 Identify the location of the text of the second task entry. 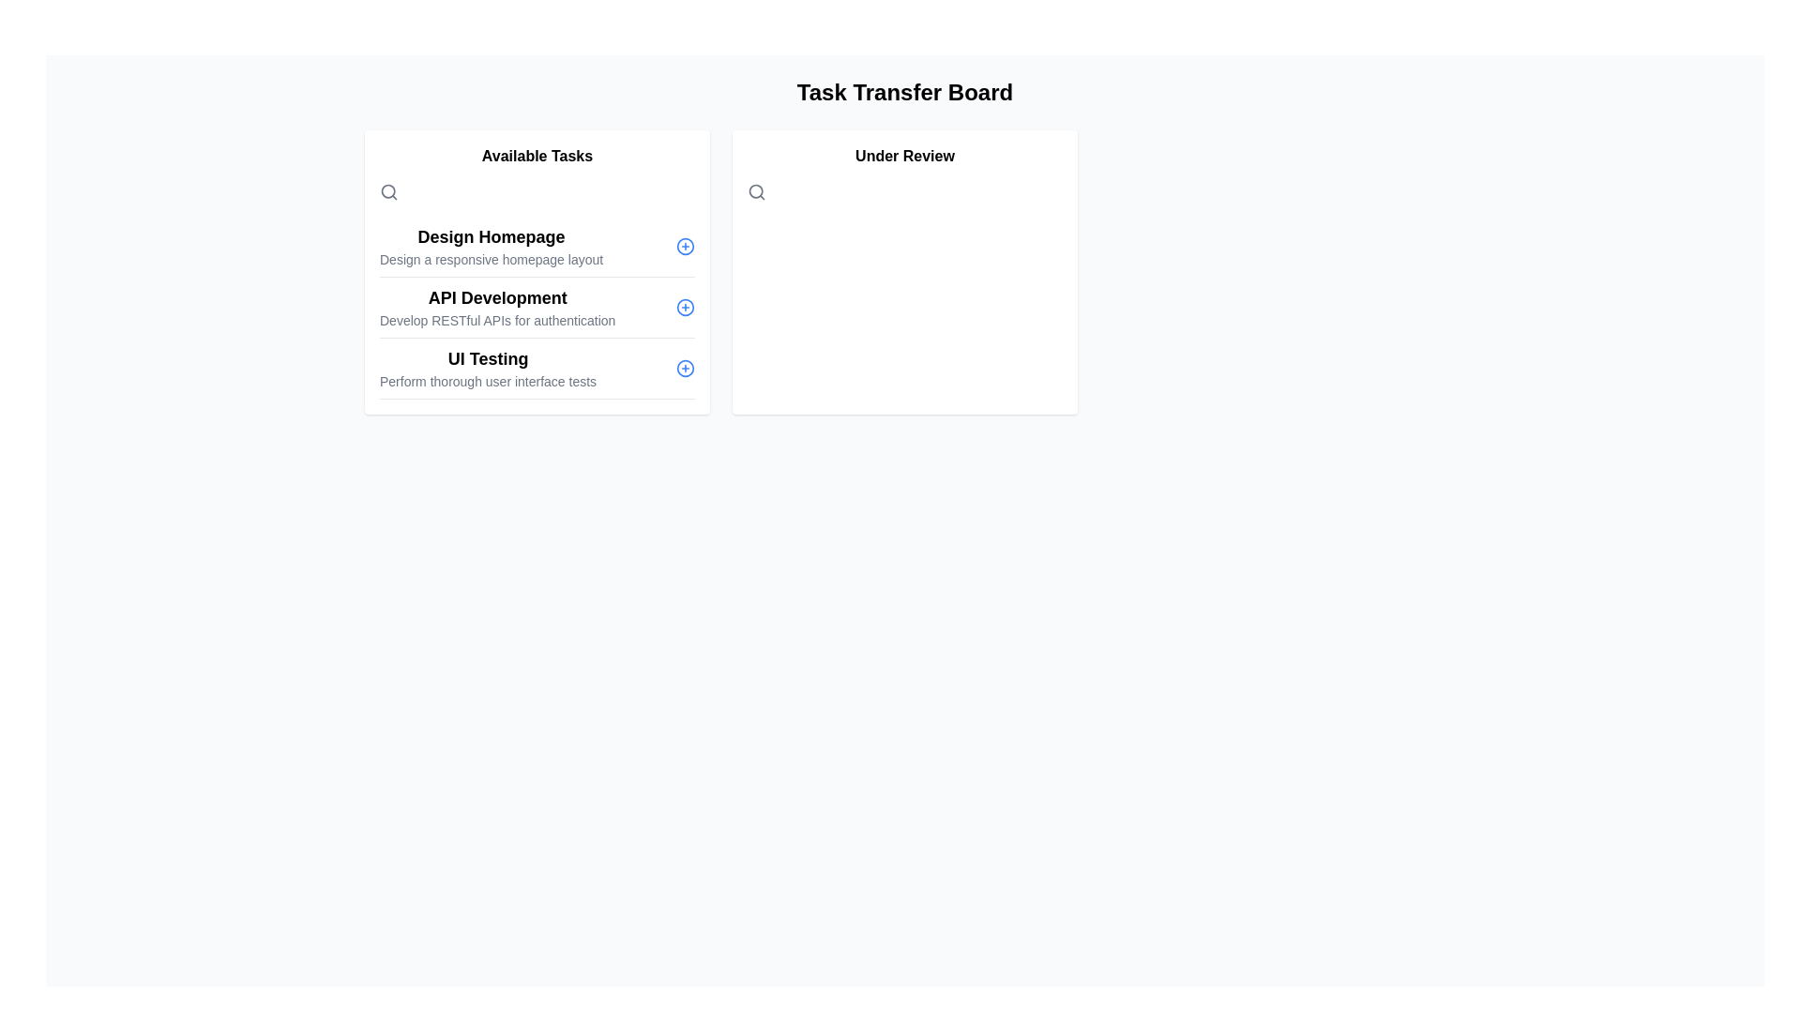
(536, 306).